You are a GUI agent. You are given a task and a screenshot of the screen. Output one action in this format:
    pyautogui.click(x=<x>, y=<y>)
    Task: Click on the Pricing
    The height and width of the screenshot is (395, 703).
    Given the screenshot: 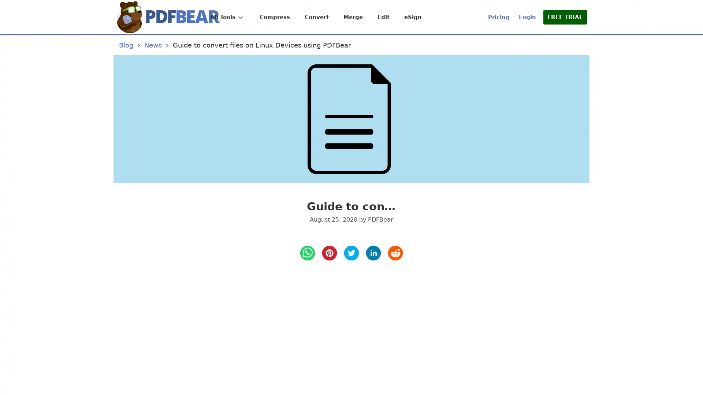 What is the action you would take?
    pyautogui.click(x=498, y=16)
    